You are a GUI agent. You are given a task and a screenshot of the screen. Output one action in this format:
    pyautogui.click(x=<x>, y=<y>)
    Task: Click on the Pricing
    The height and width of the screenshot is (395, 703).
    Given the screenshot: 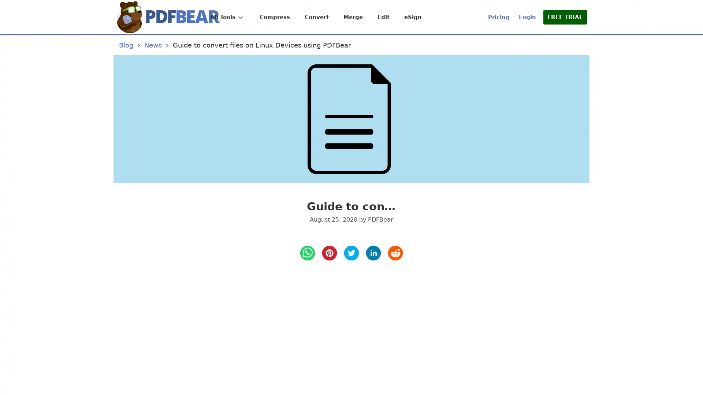 What is the action you would take?
    pyautogui.click(x=498, y=16)
    